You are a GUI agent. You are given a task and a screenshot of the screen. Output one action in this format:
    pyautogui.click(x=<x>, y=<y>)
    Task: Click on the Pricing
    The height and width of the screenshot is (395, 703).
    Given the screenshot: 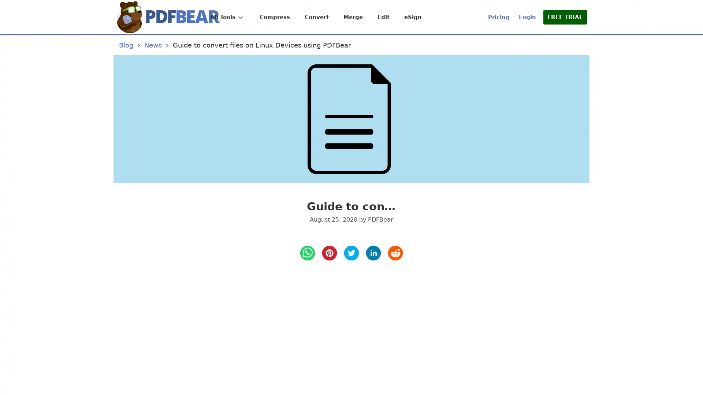 What is the action you would take?
    pyautogui.click(x=498, y=16)
    